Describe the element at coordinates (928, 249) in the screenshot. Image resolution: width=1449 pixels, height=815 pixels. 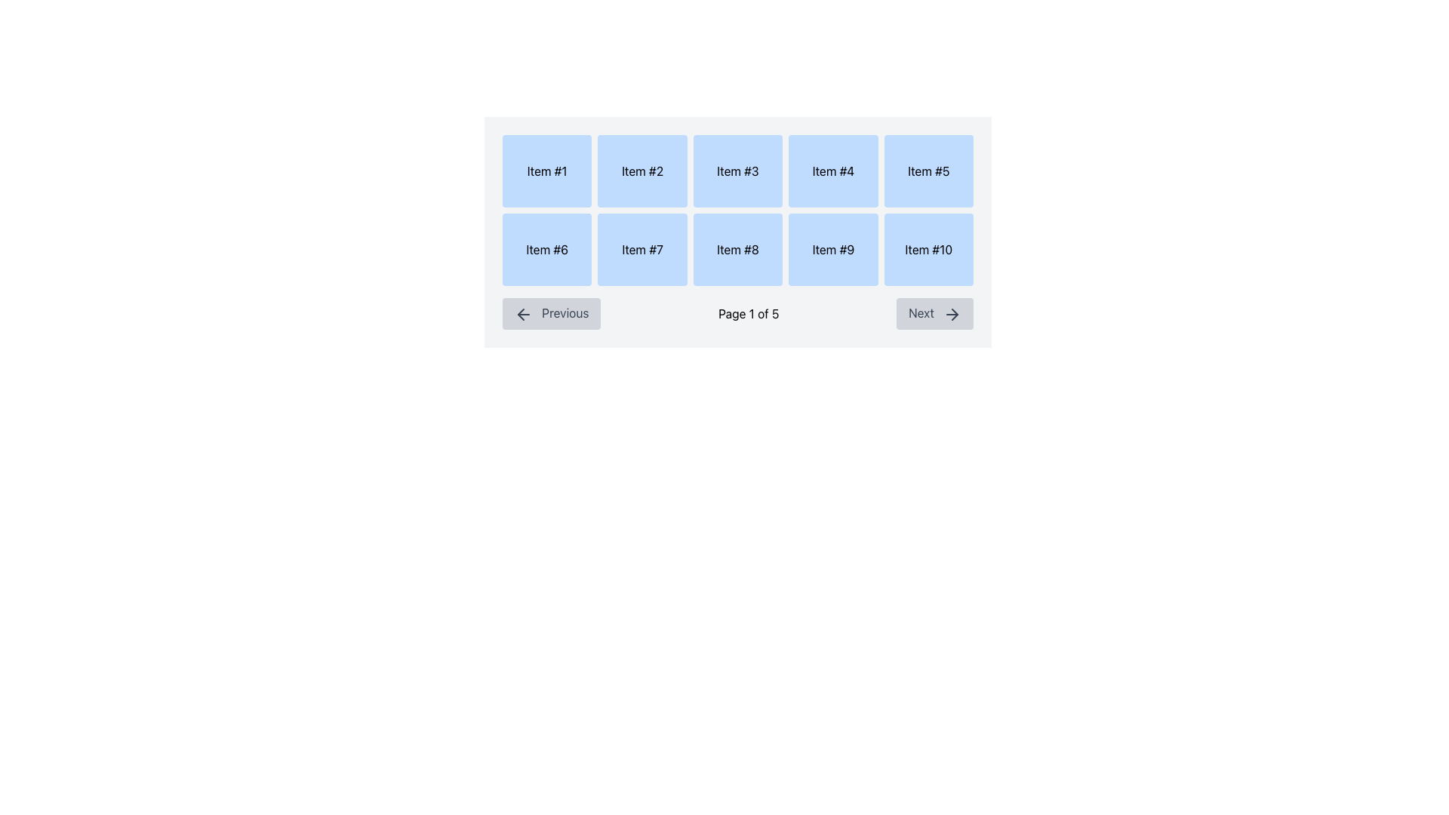
I see `the button-like element labeled 'Item #10'` at that location.